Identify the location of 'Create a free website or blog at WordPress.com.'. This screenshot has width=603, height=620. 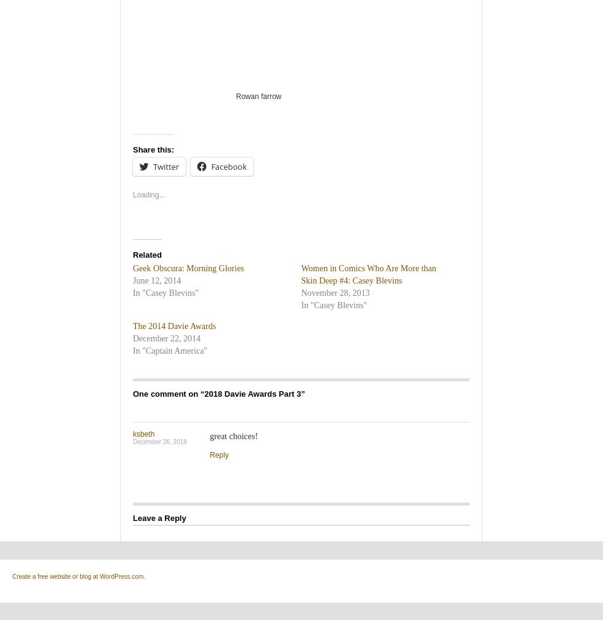
(78, 576).